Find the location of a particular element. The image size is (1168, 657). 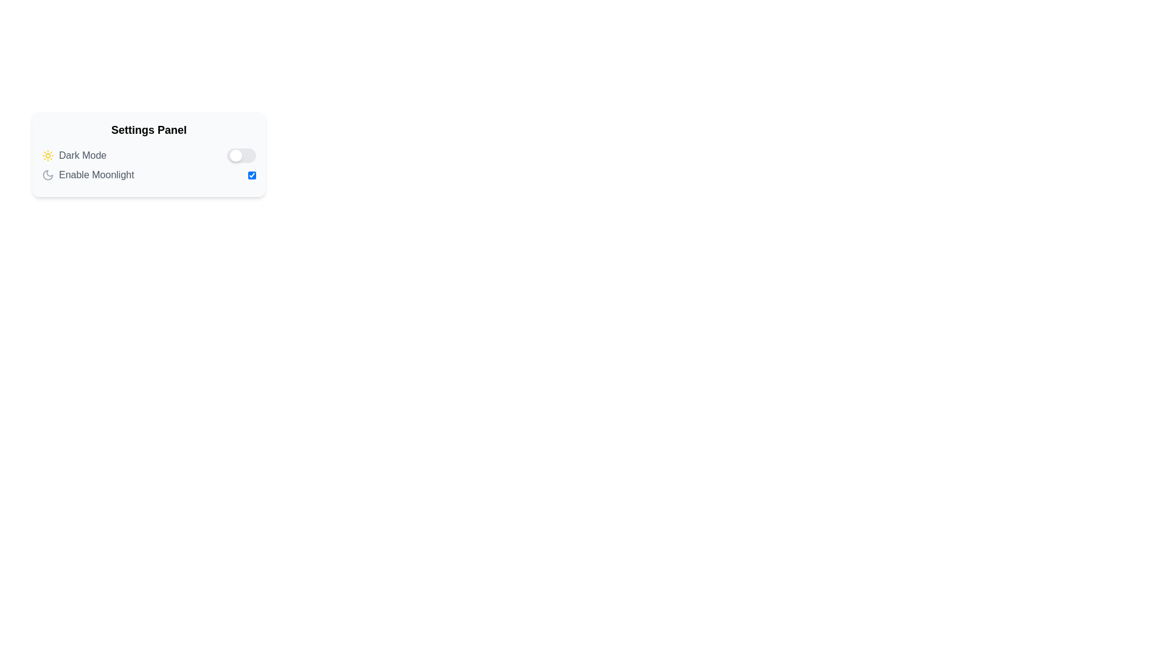

the crescent moon icon that signifies the 'Enable Moonlight' option located to the left of the text 'Enable Moonlight' in the settings panel is located at coordinates (47, 175).